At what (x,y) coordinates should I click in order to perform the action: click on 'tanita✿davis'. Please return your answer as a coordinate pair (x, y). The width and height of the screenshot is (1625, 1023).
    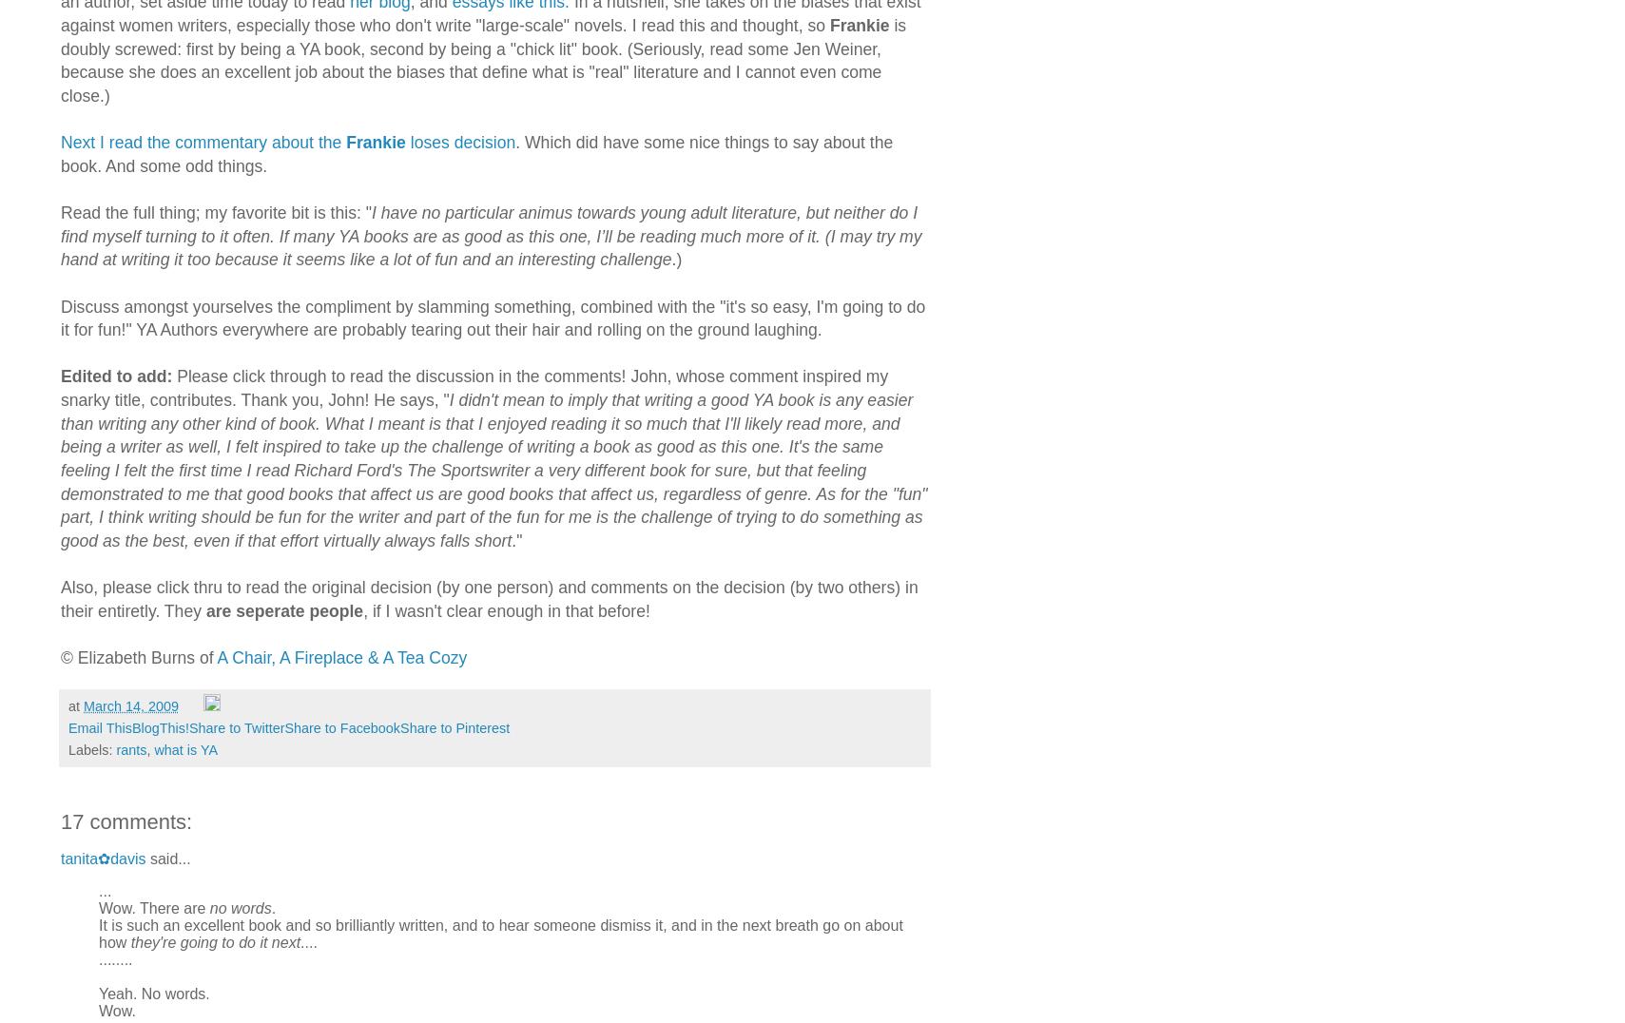
    Looking at the image, I should click on (102, 857).